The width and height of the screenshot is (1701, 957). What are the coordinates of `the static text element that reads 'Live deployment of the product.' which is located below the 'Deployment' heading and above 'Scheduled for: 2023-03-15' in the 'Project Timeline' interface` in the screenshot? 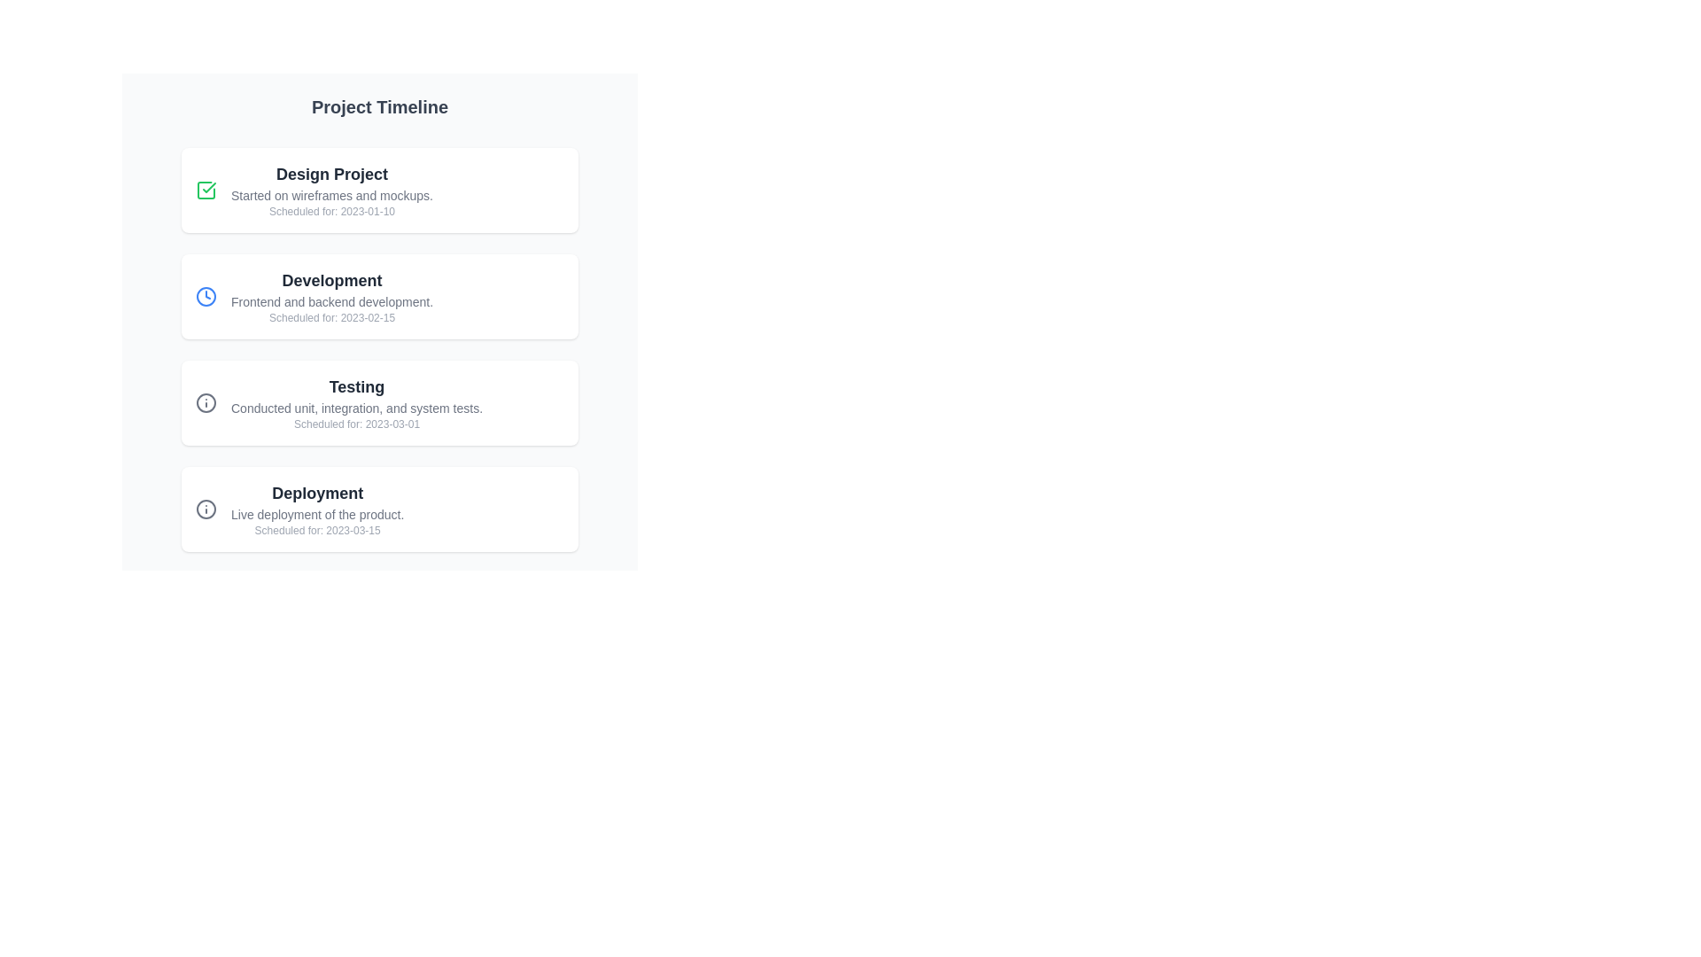 It's located at (317, 515).